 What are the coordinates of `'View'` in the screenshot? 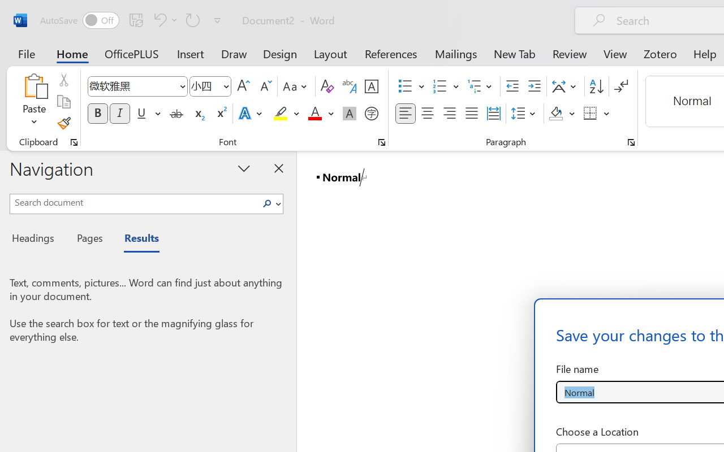 It's located at (615, 53).